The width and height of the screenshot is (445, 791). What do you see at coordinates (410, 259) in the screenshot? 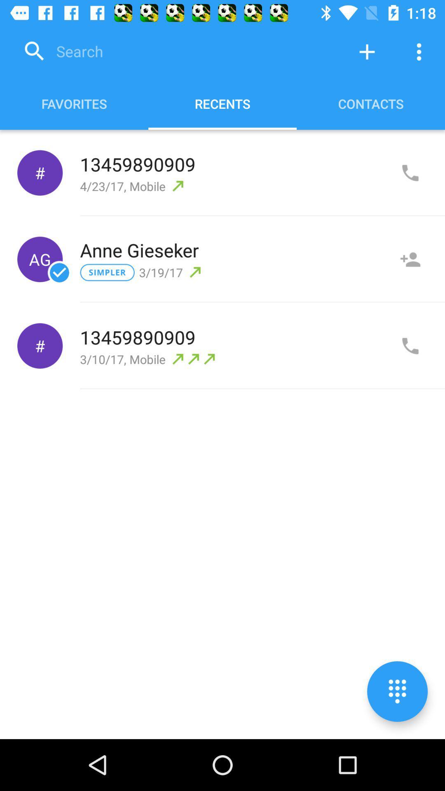
I see `contact` at bounding box center [410, 259].